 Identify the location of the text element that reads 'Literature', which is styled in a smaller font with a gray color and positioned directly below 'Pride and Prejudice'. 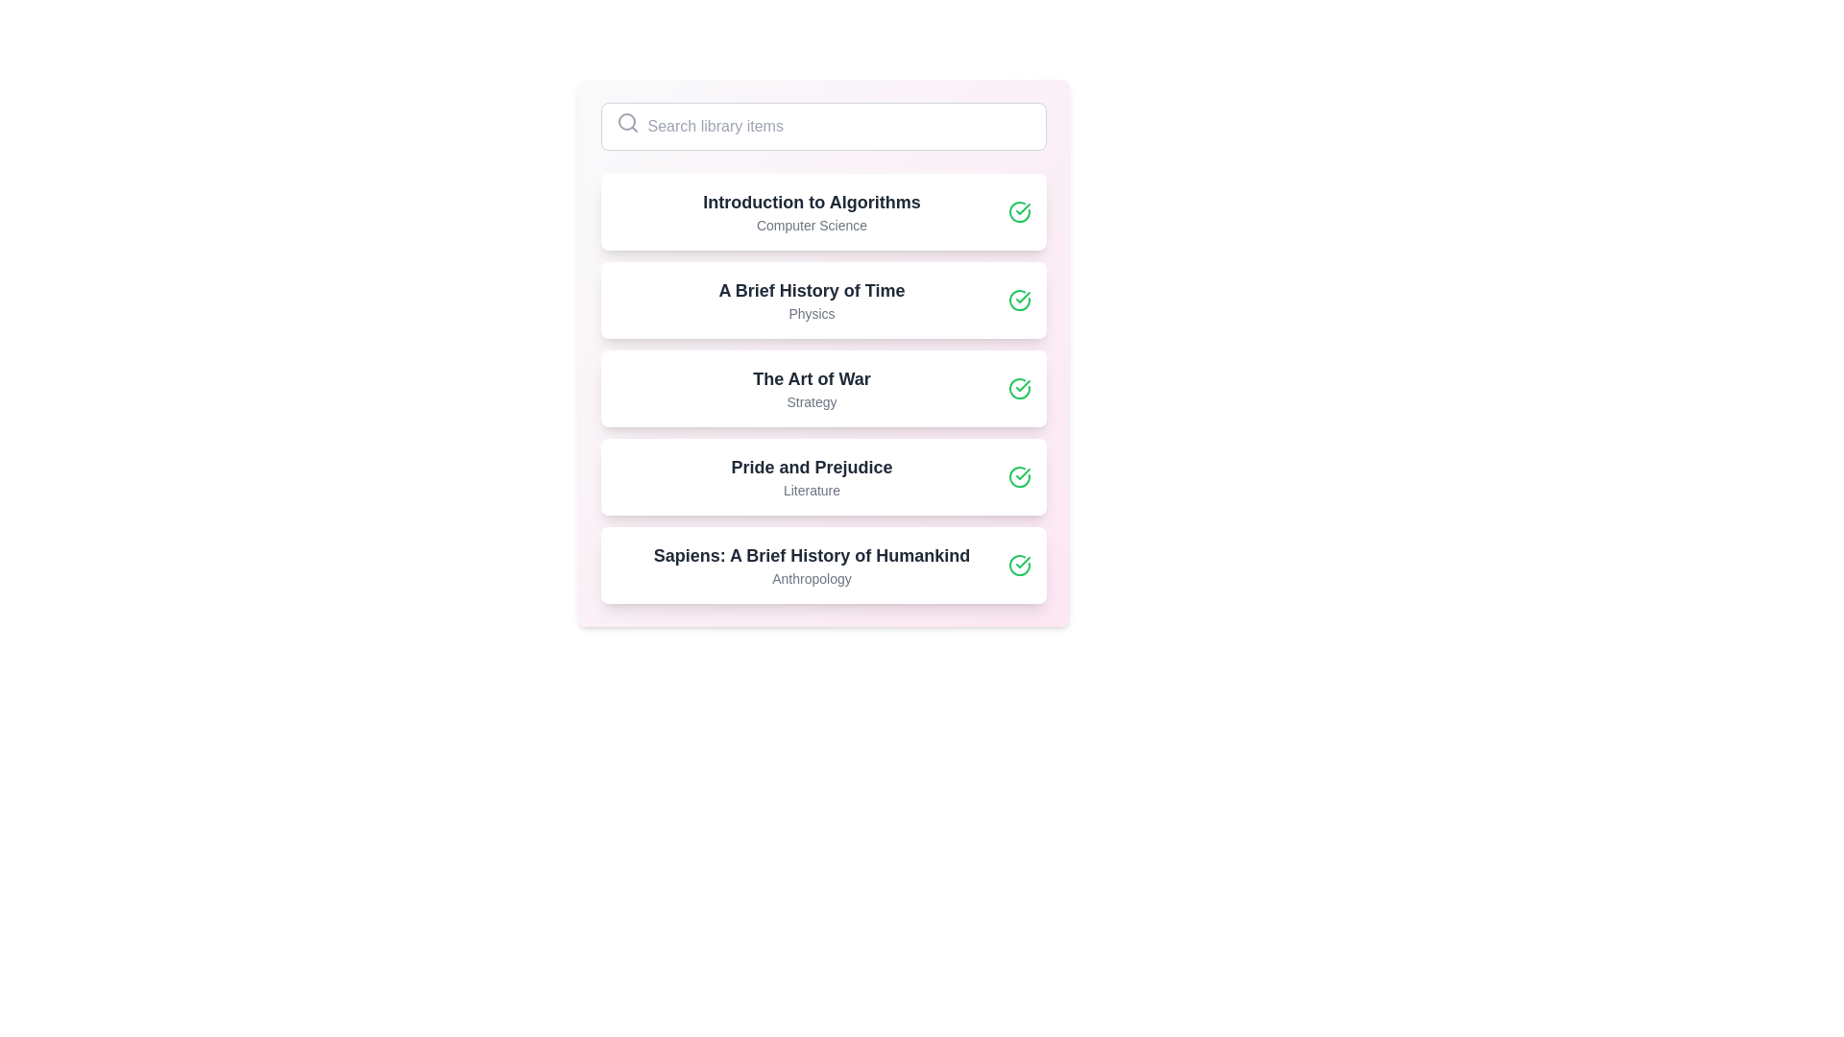
(812, 489).